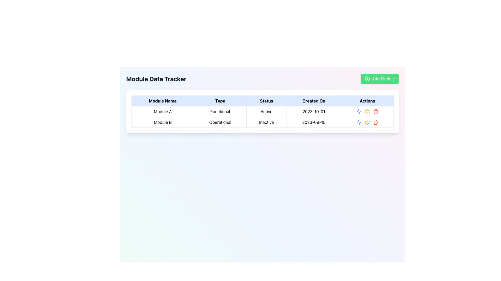  What do you see at coordinates (379, 79) in the screenshot?
I see `the 'Add Module' button with a green background and white text, located on the rightmost side of the header bar titled 'Module Data Tracker'` at bounding box center [379, 79].